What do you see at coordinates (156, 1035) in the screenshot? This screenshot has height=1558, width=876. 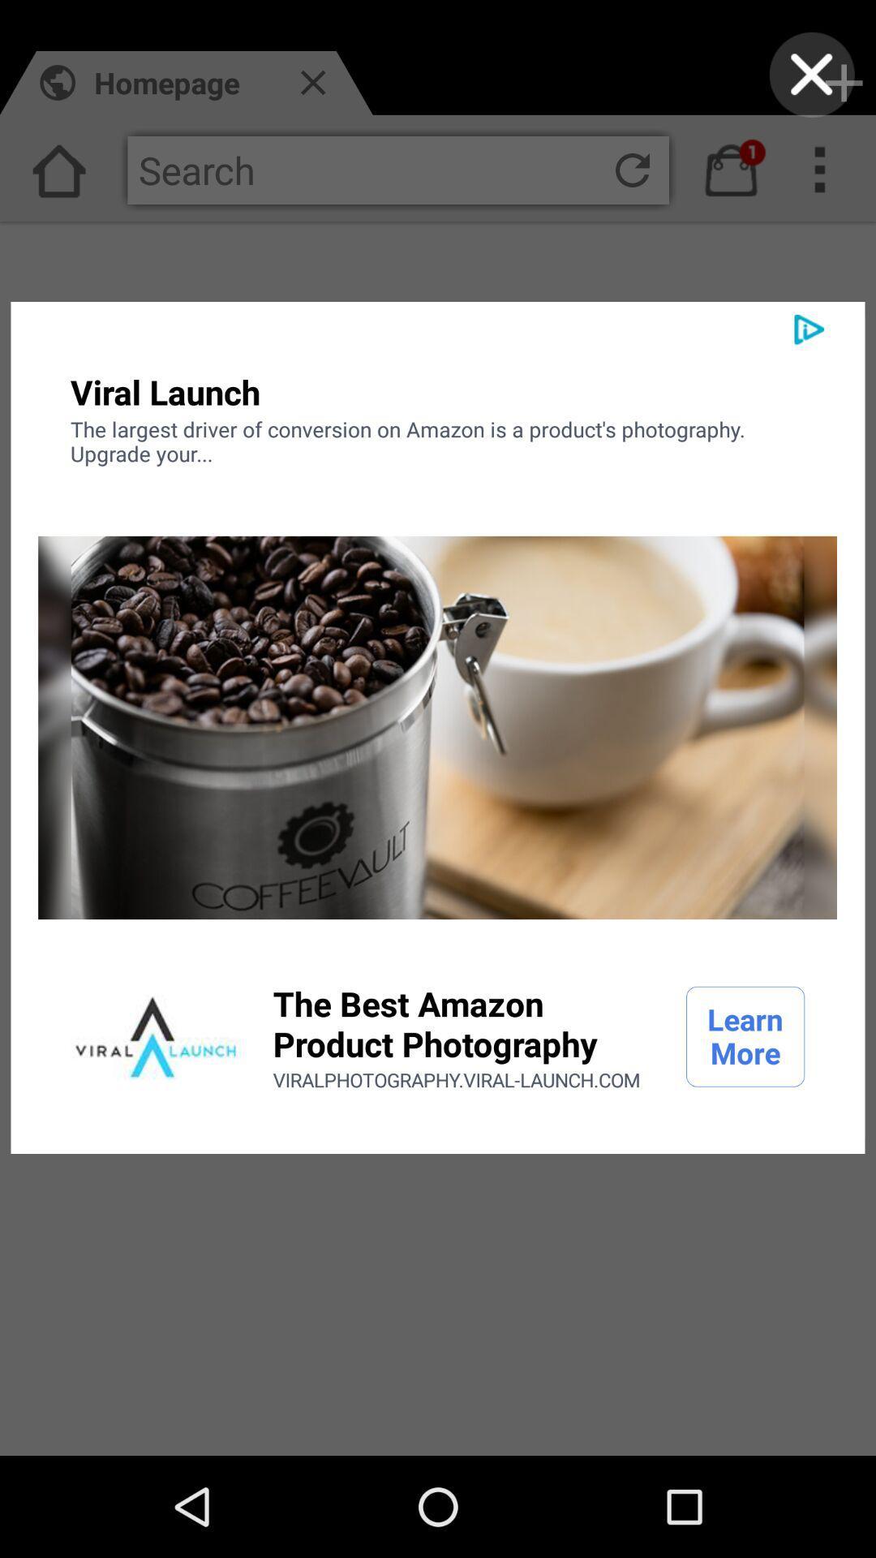 I see `the icon next to the the best amazon` at bounding box center [156, 1035].